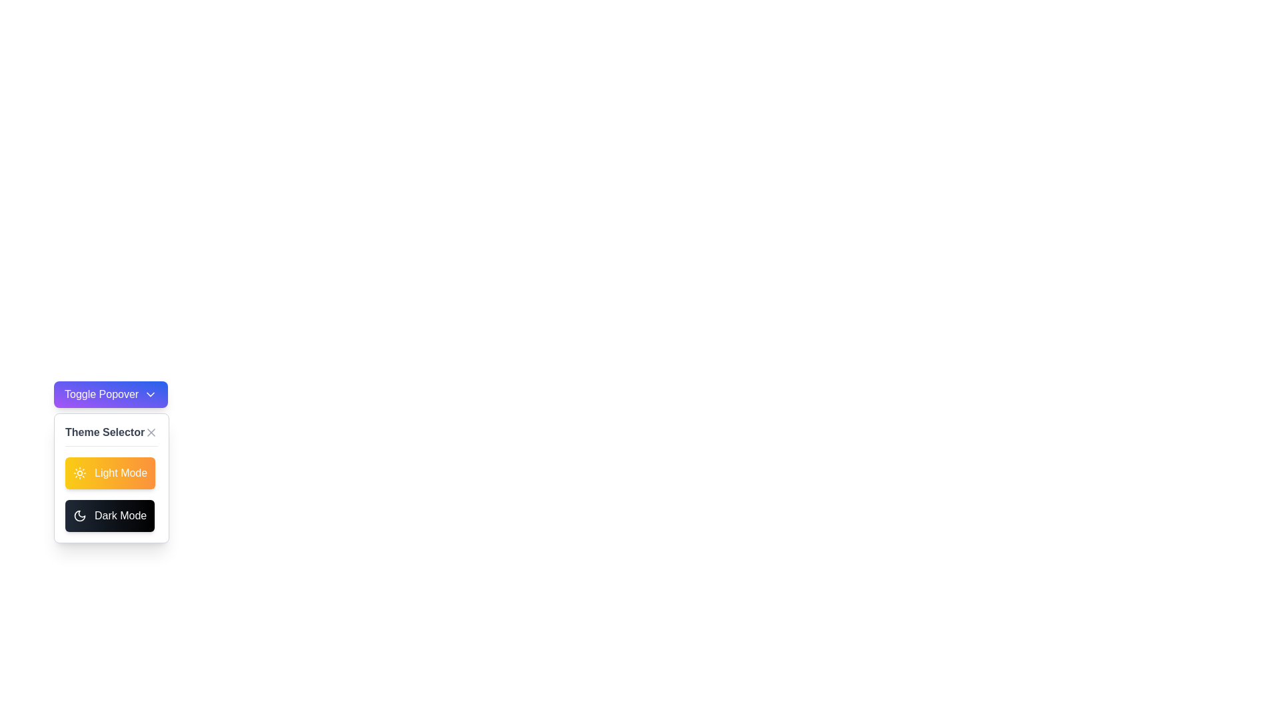 The width and height of the screenshot is (1280, 720). I want to click on the 'Dark Mode' button in the 'Theme Selector' dropdown menu, so click(79, 515).